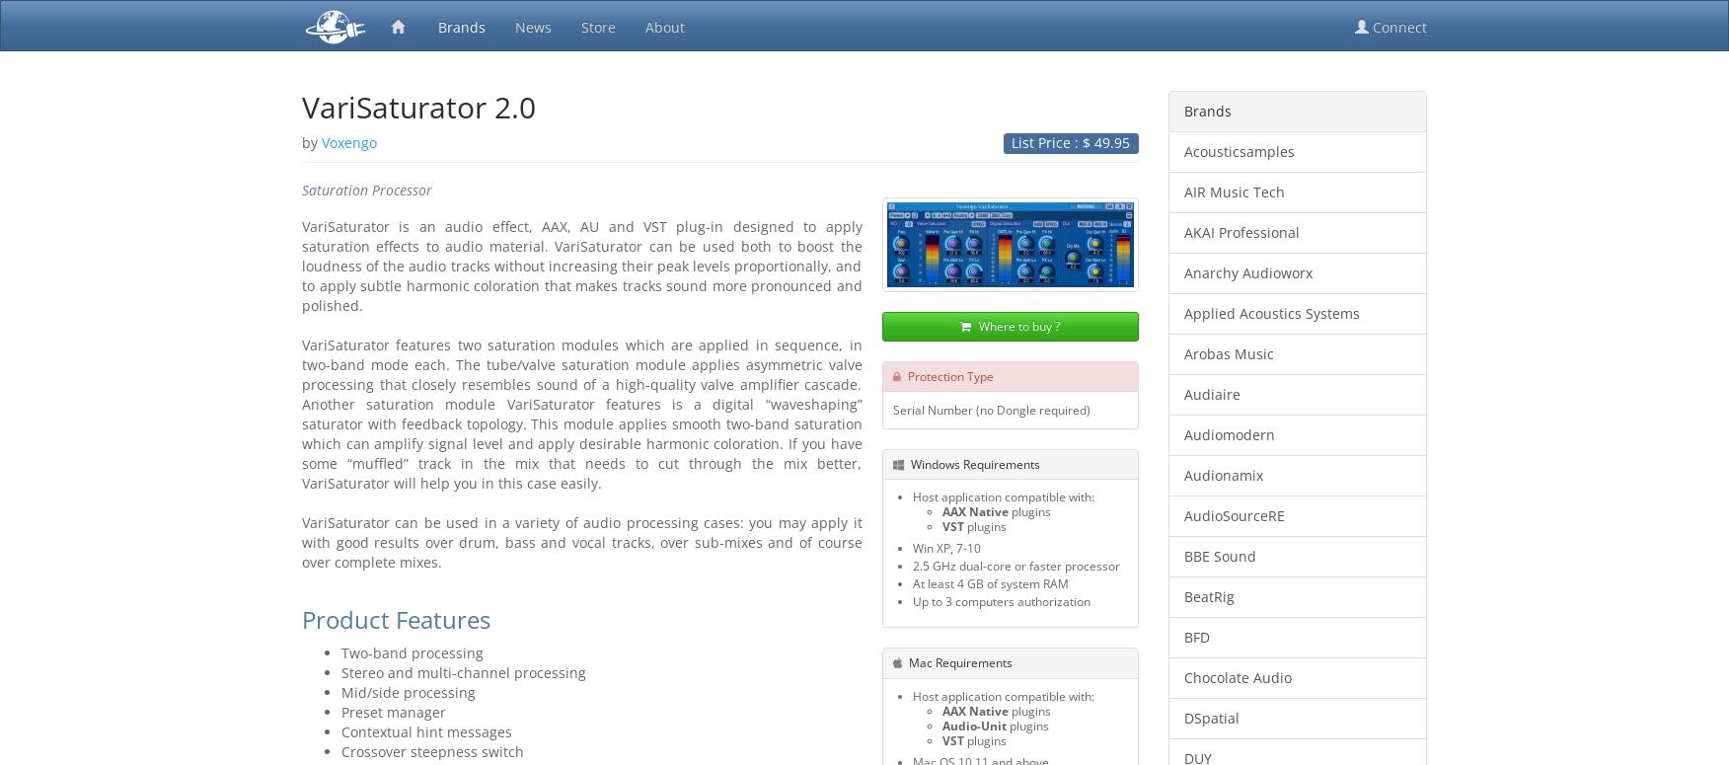 The width and height of the screenshot is (1729, 765). What do you see at coordinates (1015, 565) in the screenshot?
I see `'2.5 GHz dual-core or faster processor'` at bounding box center [1015, 565].